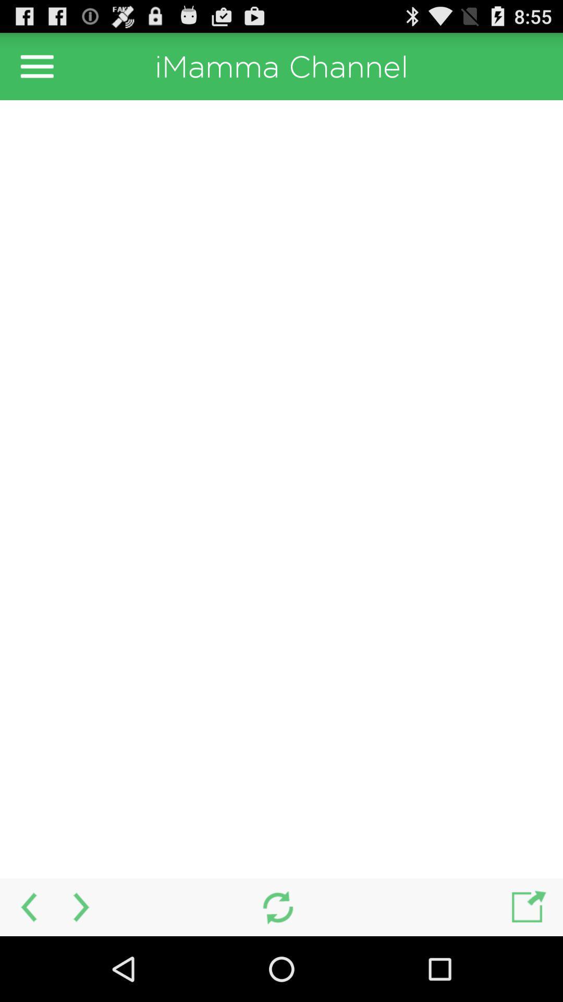 The image size is (563, 1002). Describe the element at coordinates (27, 906) in the screenshot. I see `previous` at that location.